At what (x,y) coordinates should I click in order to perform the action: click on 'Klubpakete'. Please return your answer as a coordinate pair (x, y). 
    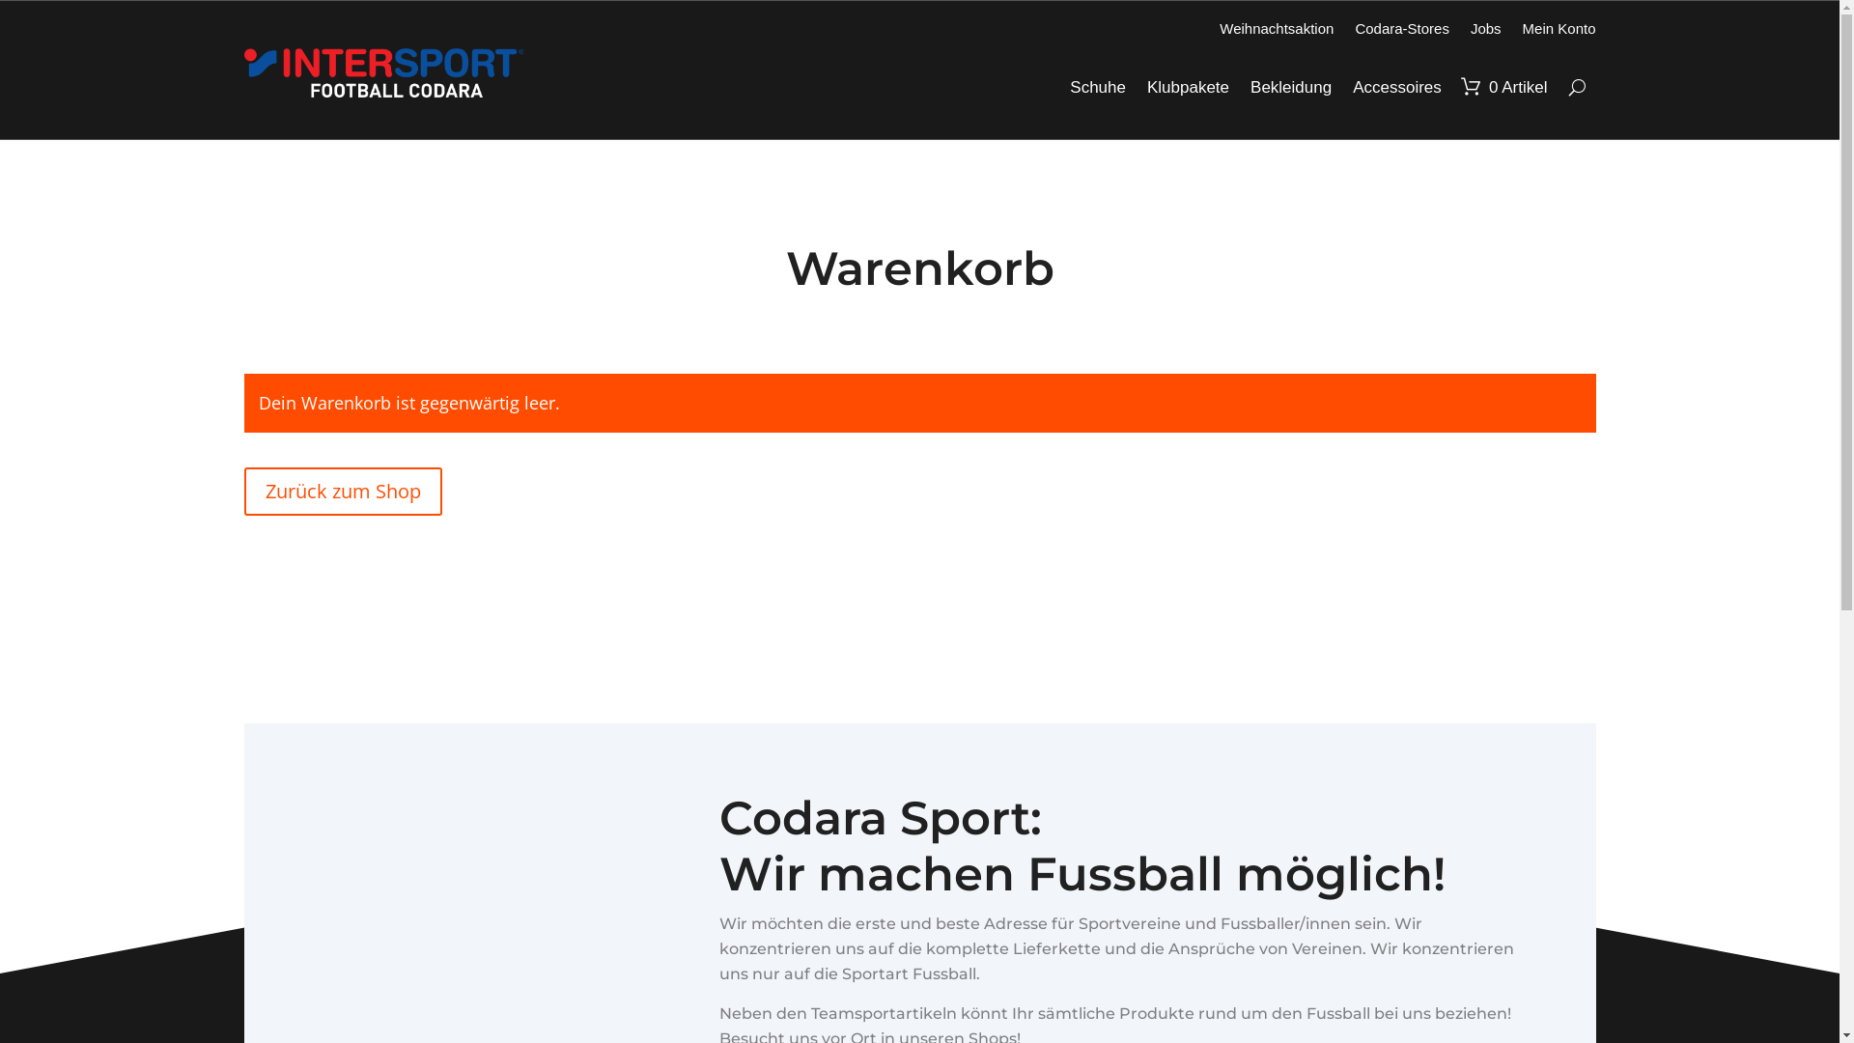
    Looking at the image, I should click on (1187, 88).